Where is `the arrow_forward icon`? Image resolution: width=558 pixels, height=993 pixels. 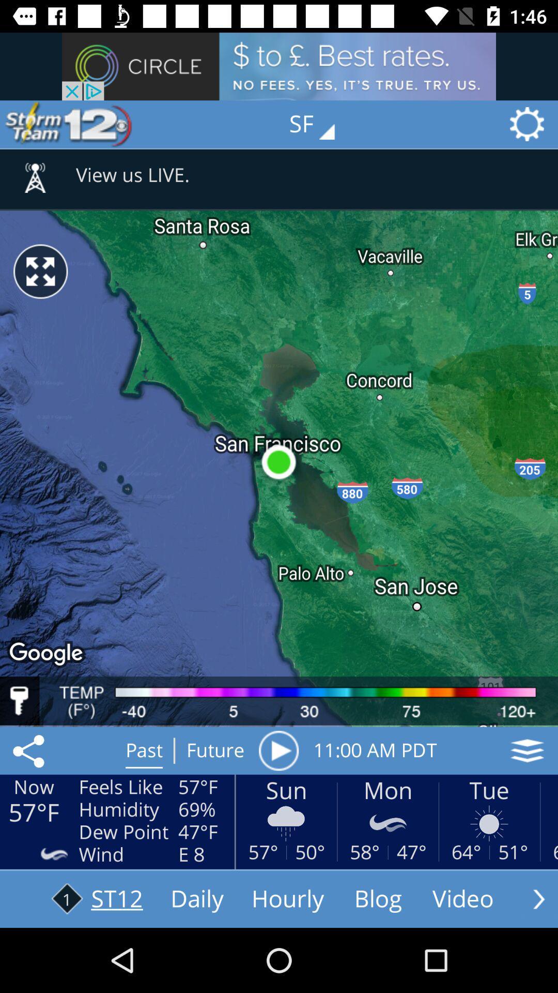 the arrow_forward icon is located at coordinates (538, 898).